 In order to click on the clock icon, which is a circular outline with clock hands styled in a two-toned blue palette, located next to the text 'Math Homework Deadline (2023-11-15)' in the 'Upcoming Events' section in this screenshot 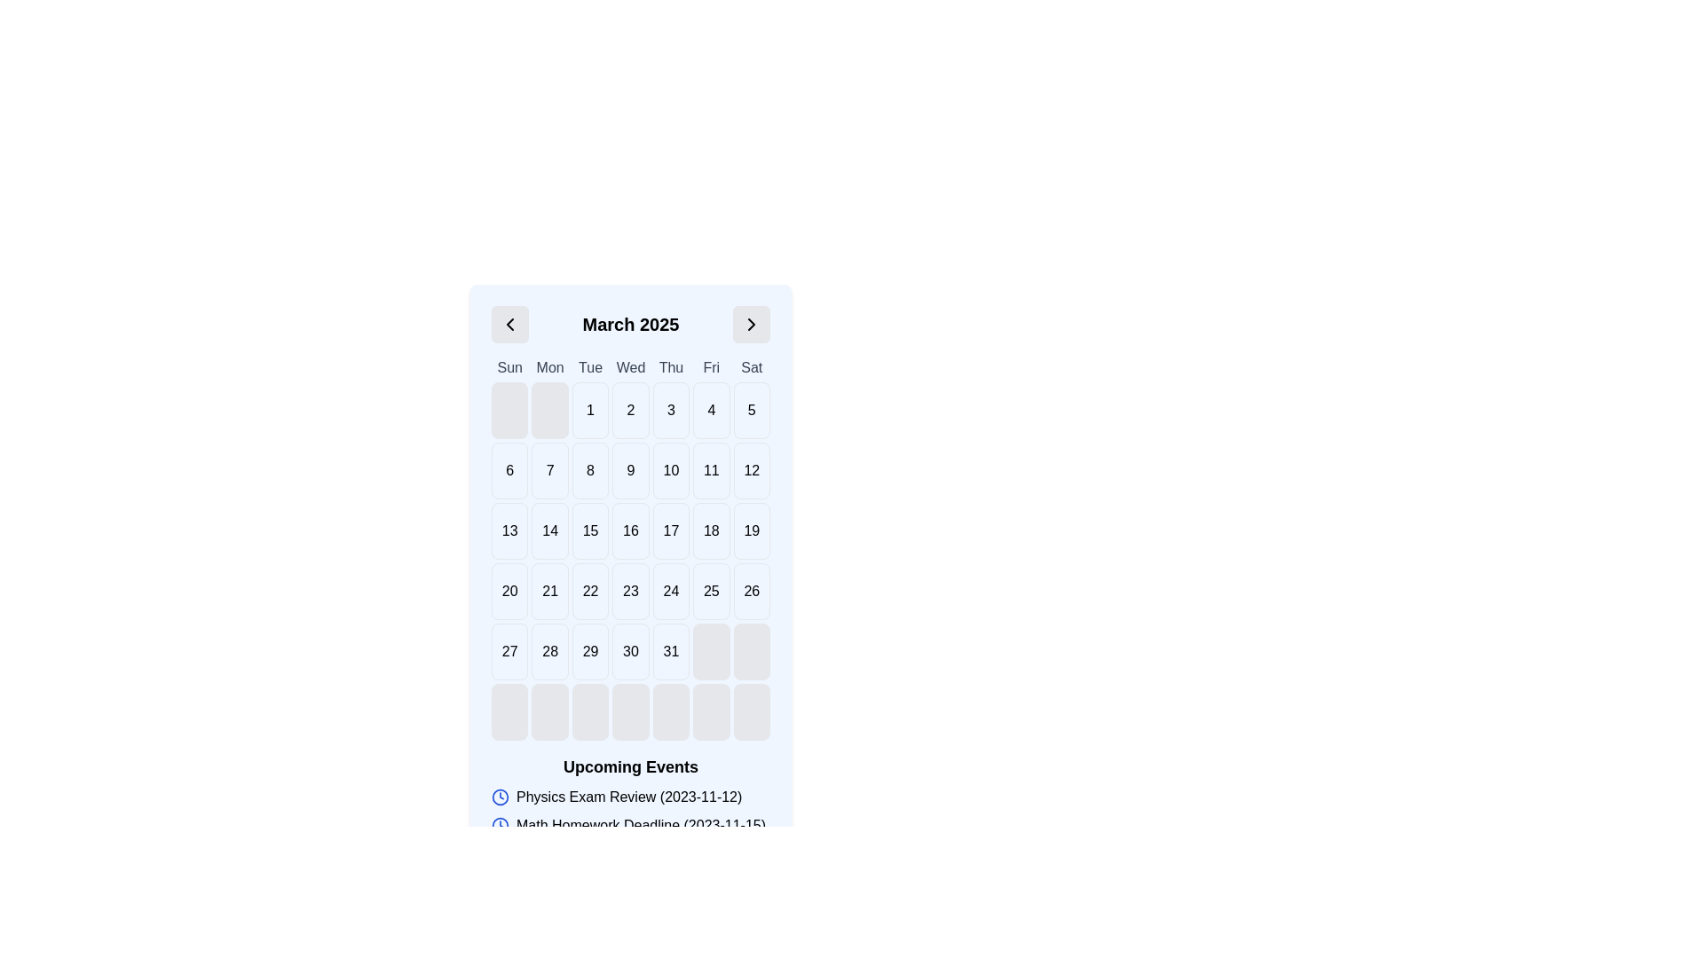, I will do `click(500, 825)`.